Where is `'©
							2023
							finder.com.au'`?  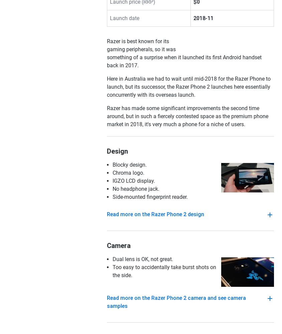
'©
							2023
							finder.com.au' is located at coordinates (231, 185).